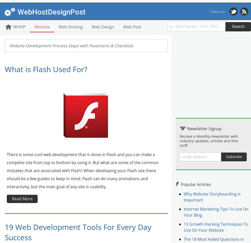 This screenshot has height=243, width=251. What do you see at coordinates (216, 227) in the screenshot?
I see `'13 Growth Hacking Techniques To Use On Your Website'` at bounding box center [216, 227].